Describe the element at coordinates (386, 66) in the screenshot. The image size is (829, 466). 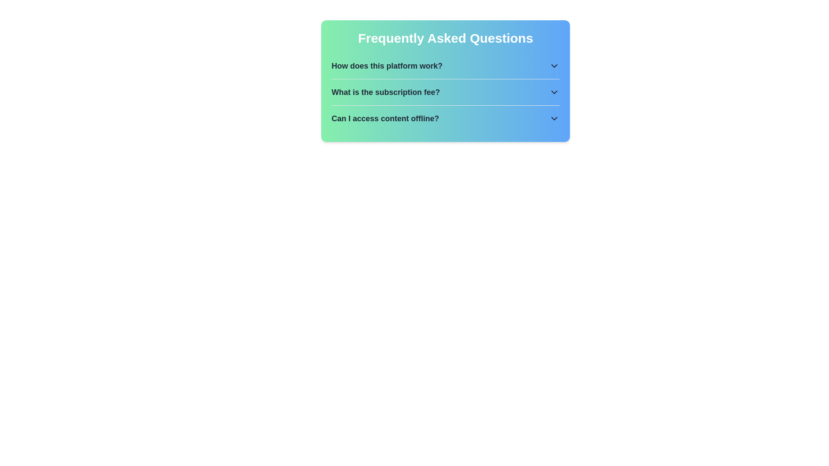
I see `the text label presenting the question 'How does this platform work?' in the FAQ section, which is the first item in the list of questions` at that location.